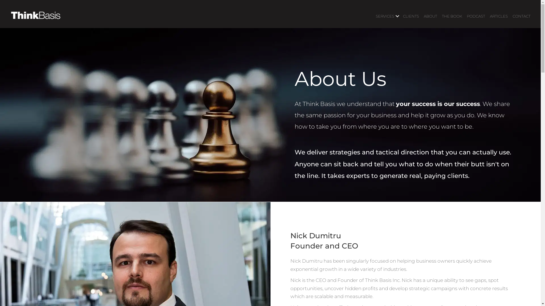  I want to click on 'SERVICES', so click(387, 16).